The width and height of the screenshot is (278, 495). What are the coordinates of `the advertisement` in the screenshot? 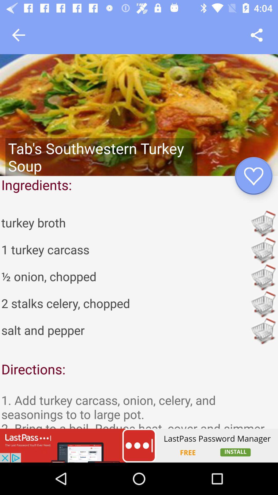 It's located at (139, 445).